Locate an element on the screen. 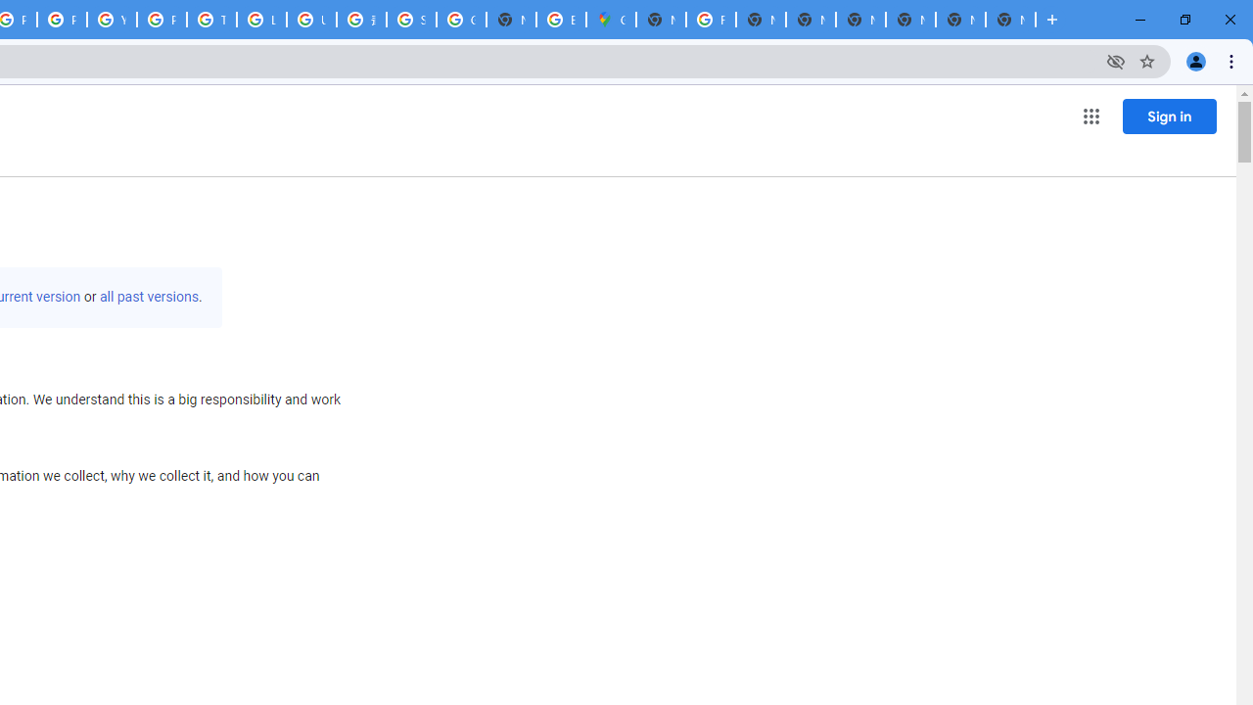 This screenshot has width=1253, height=705. 'Explore new street-level details - Google Maps Help' is located at coordinates (560, 20).